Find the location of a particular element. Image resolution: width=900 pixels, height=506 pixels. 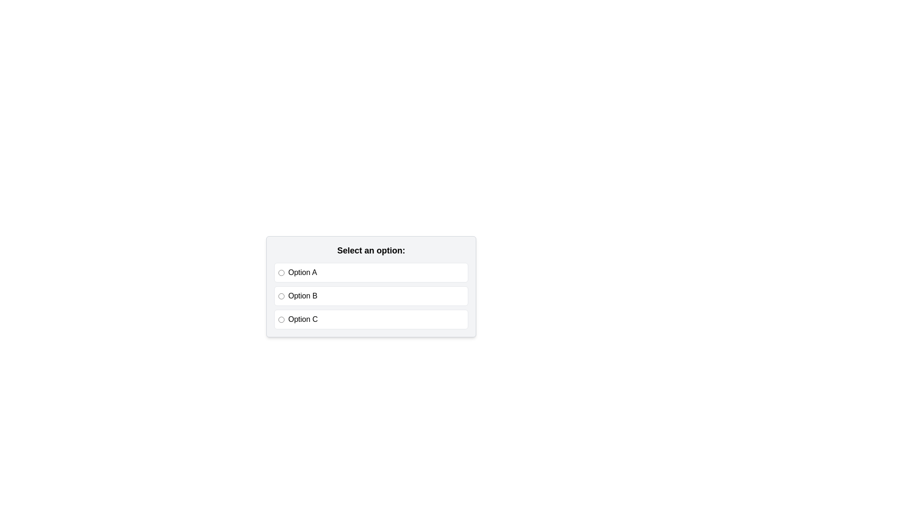

the 'Option B' radio button is located at coordinates (371, 296).